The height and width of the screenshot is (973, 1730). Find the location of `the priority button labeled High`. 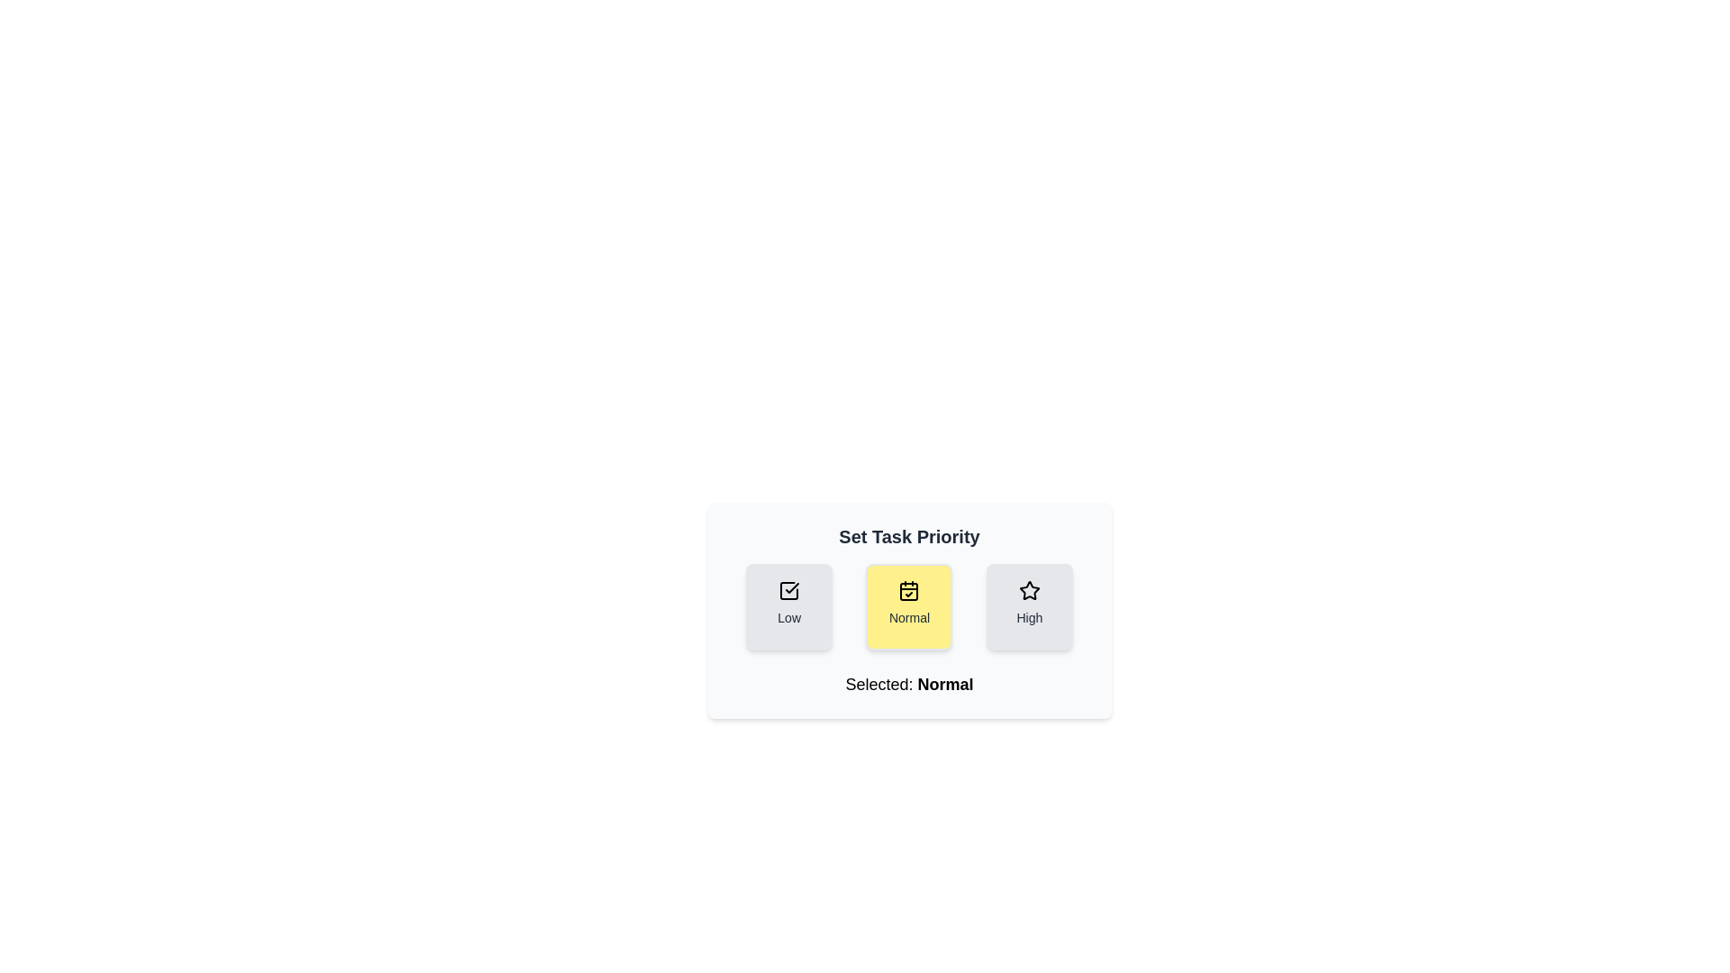

the priority button labeled High is located at coordinates (1029, 607).